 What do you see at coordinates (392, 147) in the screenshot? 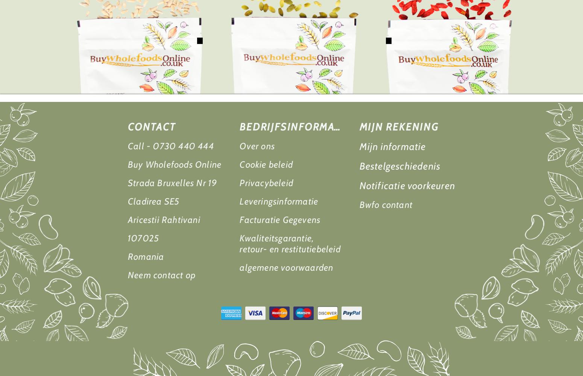
I see `'Mijn informatie'` at bounding box center [392, 147].